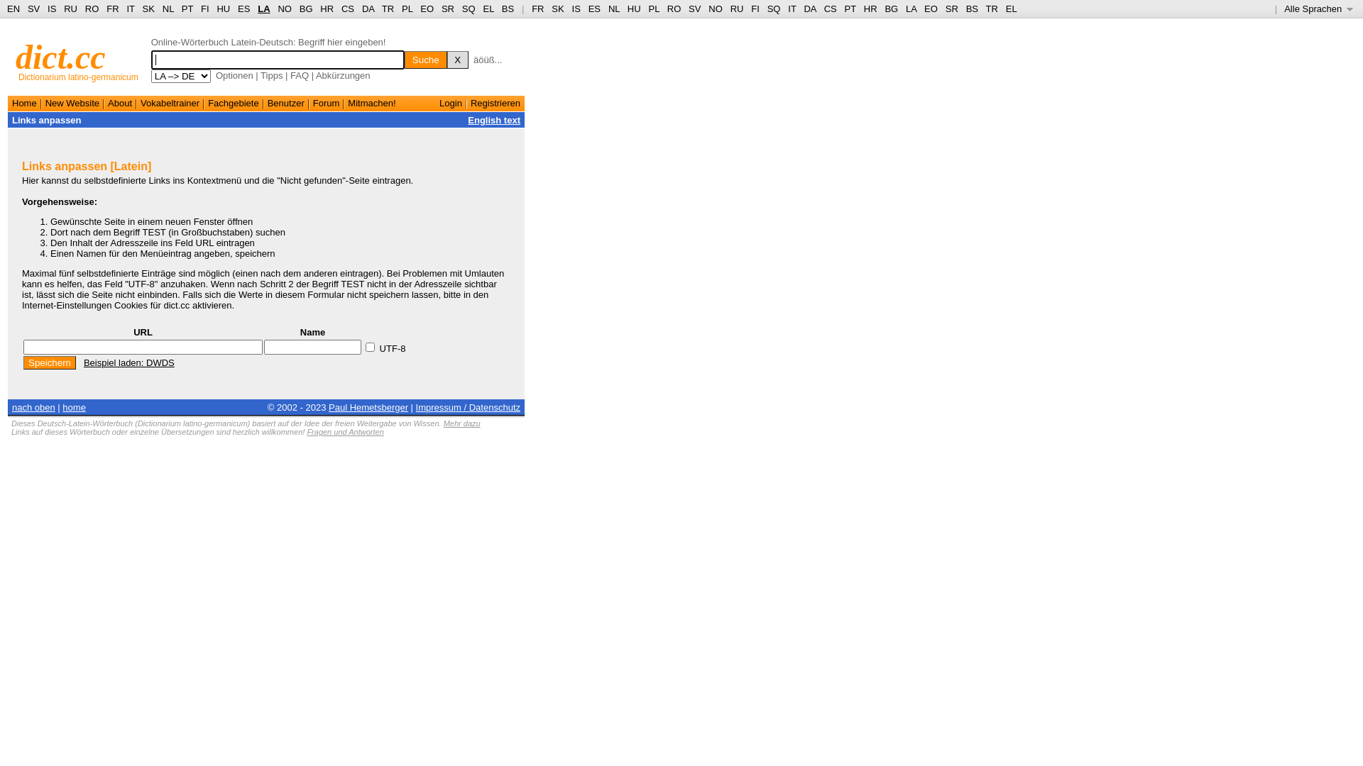 The height and width of the screenshot is (766, 1363). I want to click on 'Suche', so click(404, 59).